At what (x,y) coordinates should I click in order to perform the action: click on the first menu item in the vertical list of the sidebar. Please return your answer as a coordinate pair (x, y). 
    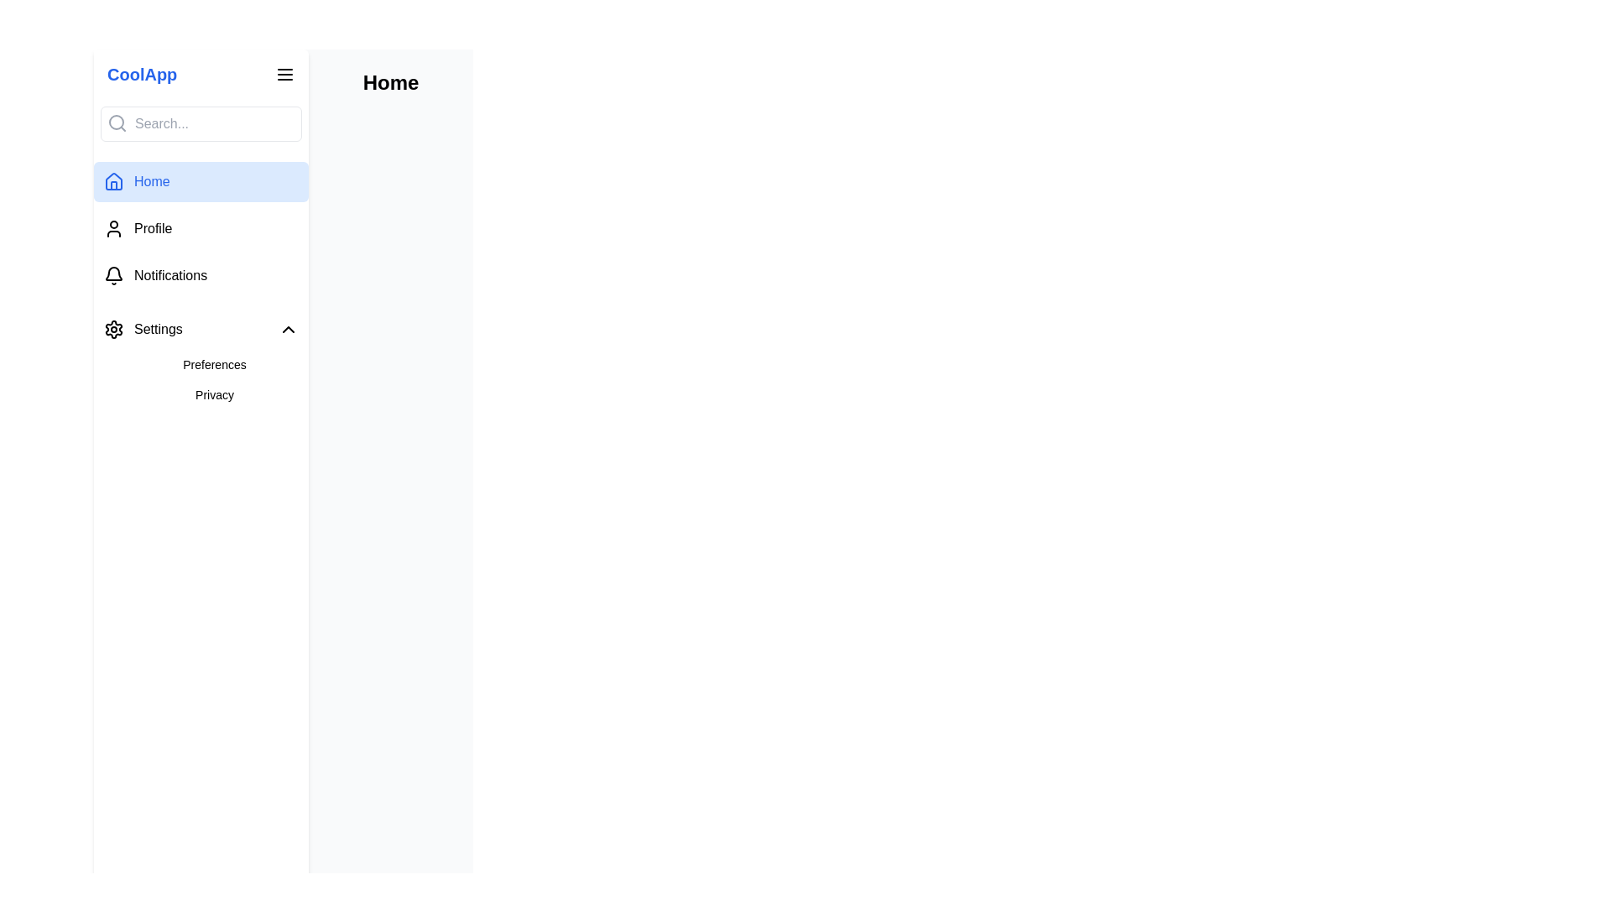
    Looking at the image, I should click on (201, 330).